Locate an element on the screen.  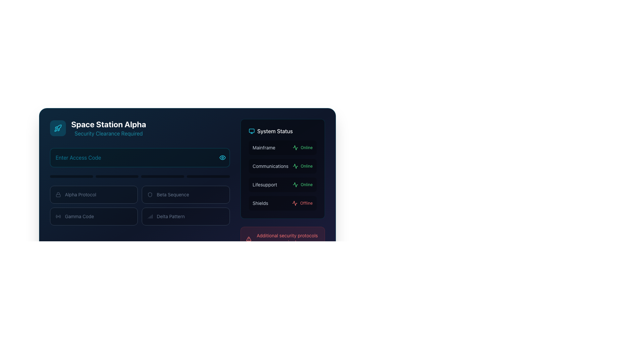
the Grid or Button Group containing the sections labeled 'Alpha Protocol', 'Beta Sequence', 'Gamma Code', and 'Delta Pattern', which is located under the title 'Enter Access Code' is located at coordinates (139, 186).